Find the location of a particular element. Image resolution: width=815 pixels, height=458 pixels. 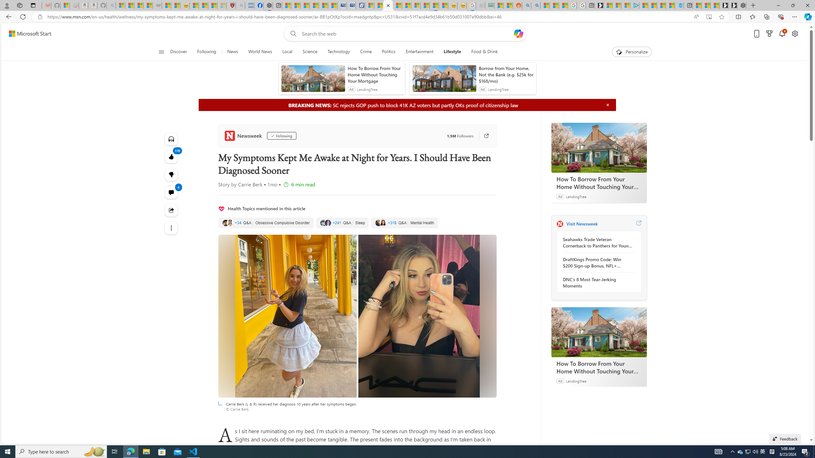

'Local' is located at coordinates (287, 52).